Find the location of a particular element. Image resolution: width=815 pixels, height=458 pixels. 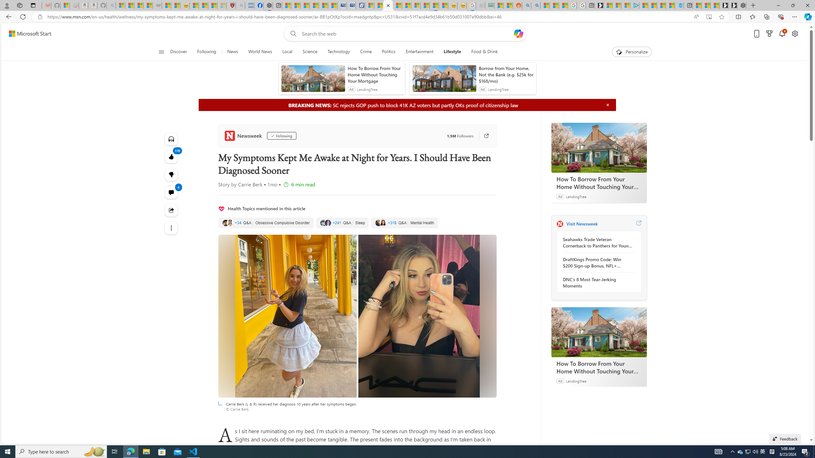

'Local' is located at coordinates (287, 52).